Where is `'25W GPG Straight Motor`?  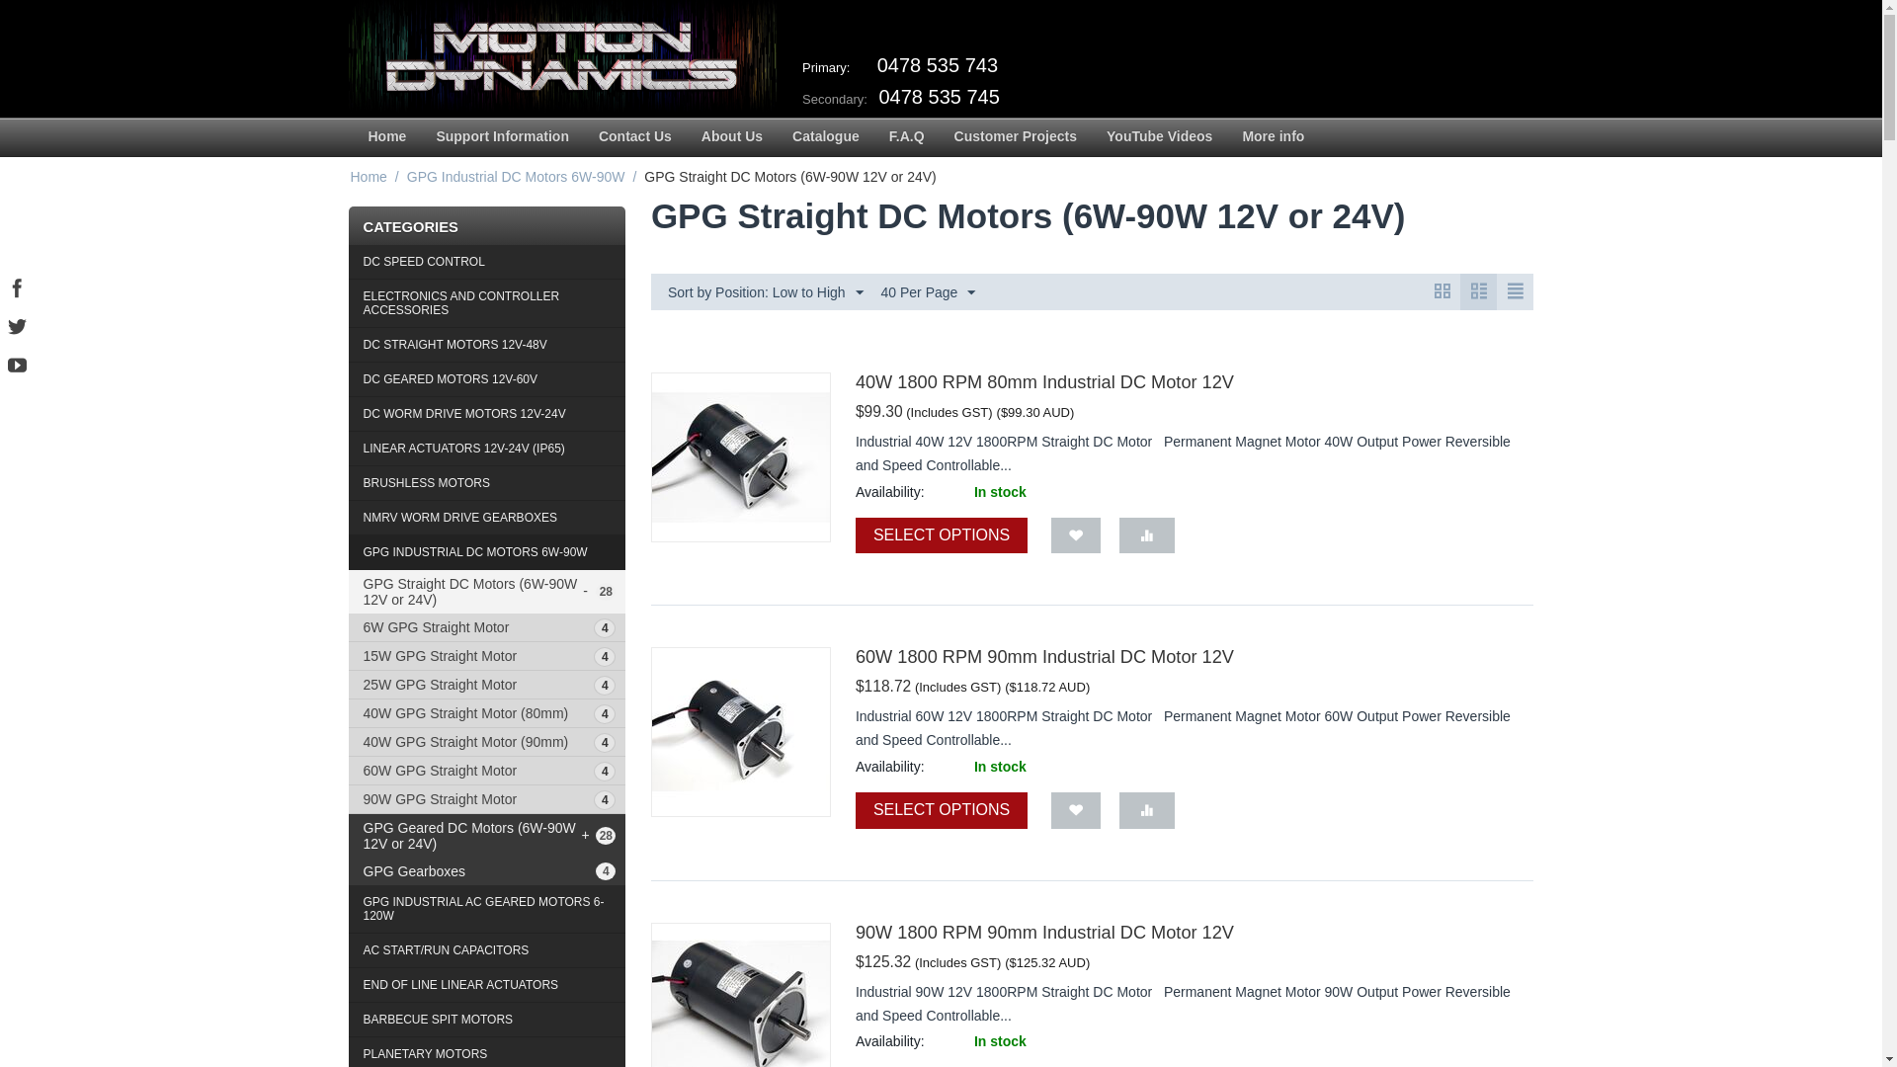
'25W GPG Straight Motor is located at coordinates (486, 684).